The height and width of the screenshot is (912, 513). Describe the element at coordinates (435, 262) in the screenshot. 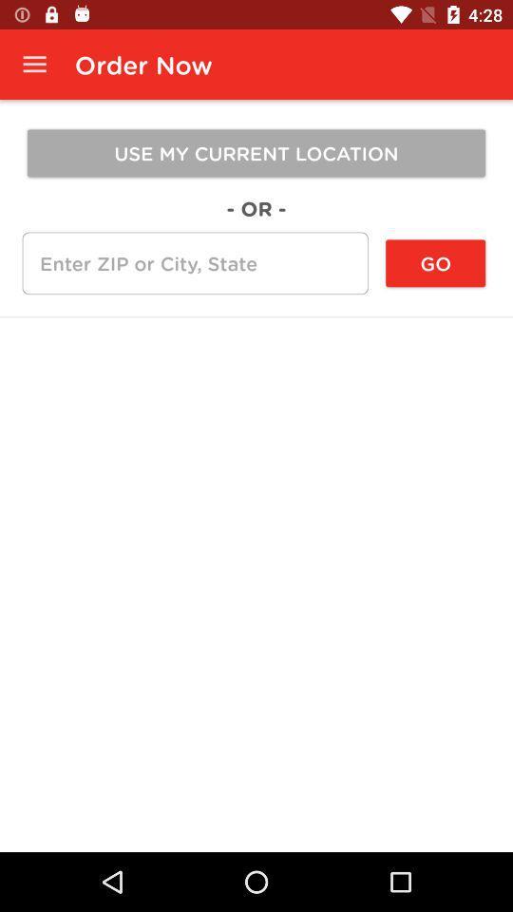

I see `the go at the top right corner` at that location.